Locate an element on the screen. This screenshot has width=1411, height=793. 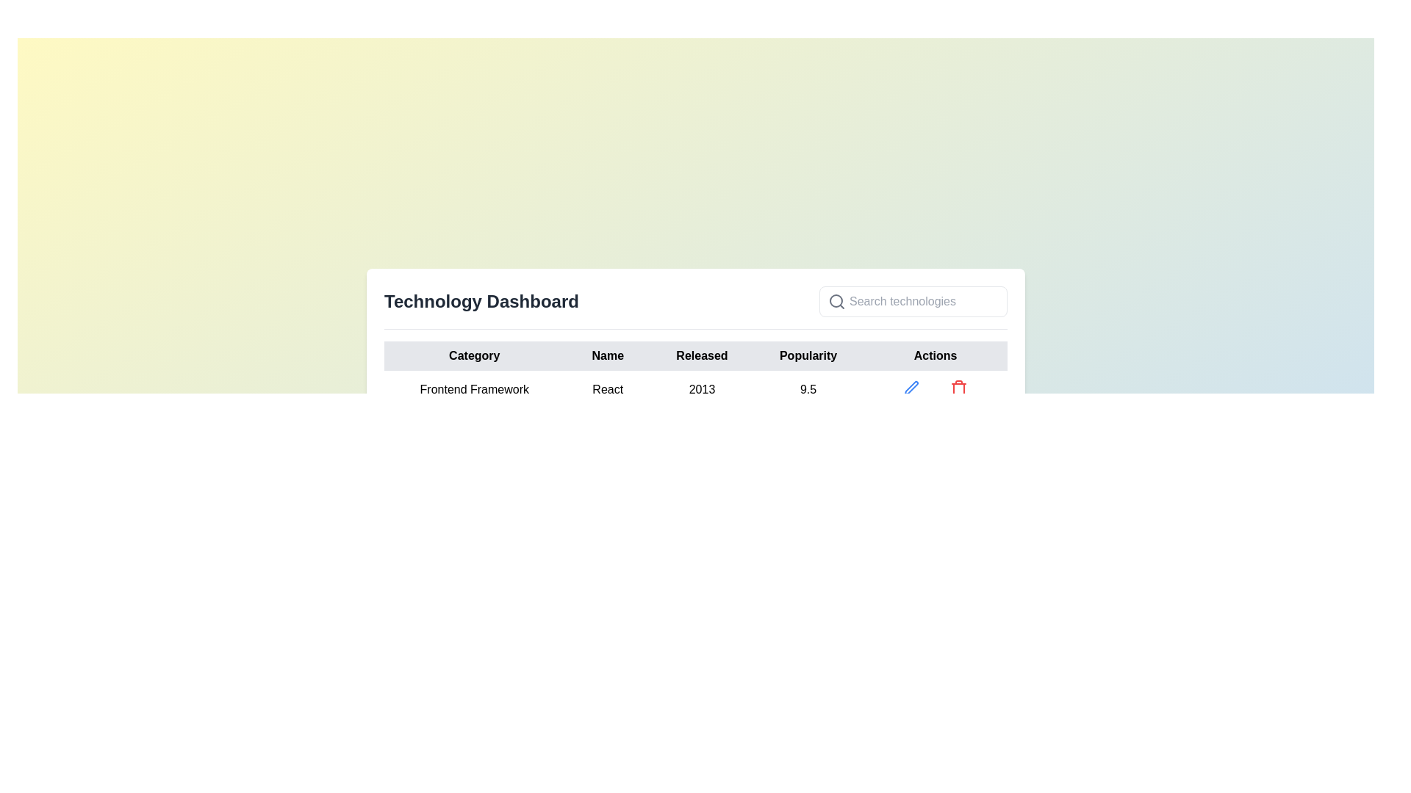
the text label indicating 'React' in the Technology Dashboard table, positioned between 'Frontend Framework' and '2013' is located at coordinates (608, 388).